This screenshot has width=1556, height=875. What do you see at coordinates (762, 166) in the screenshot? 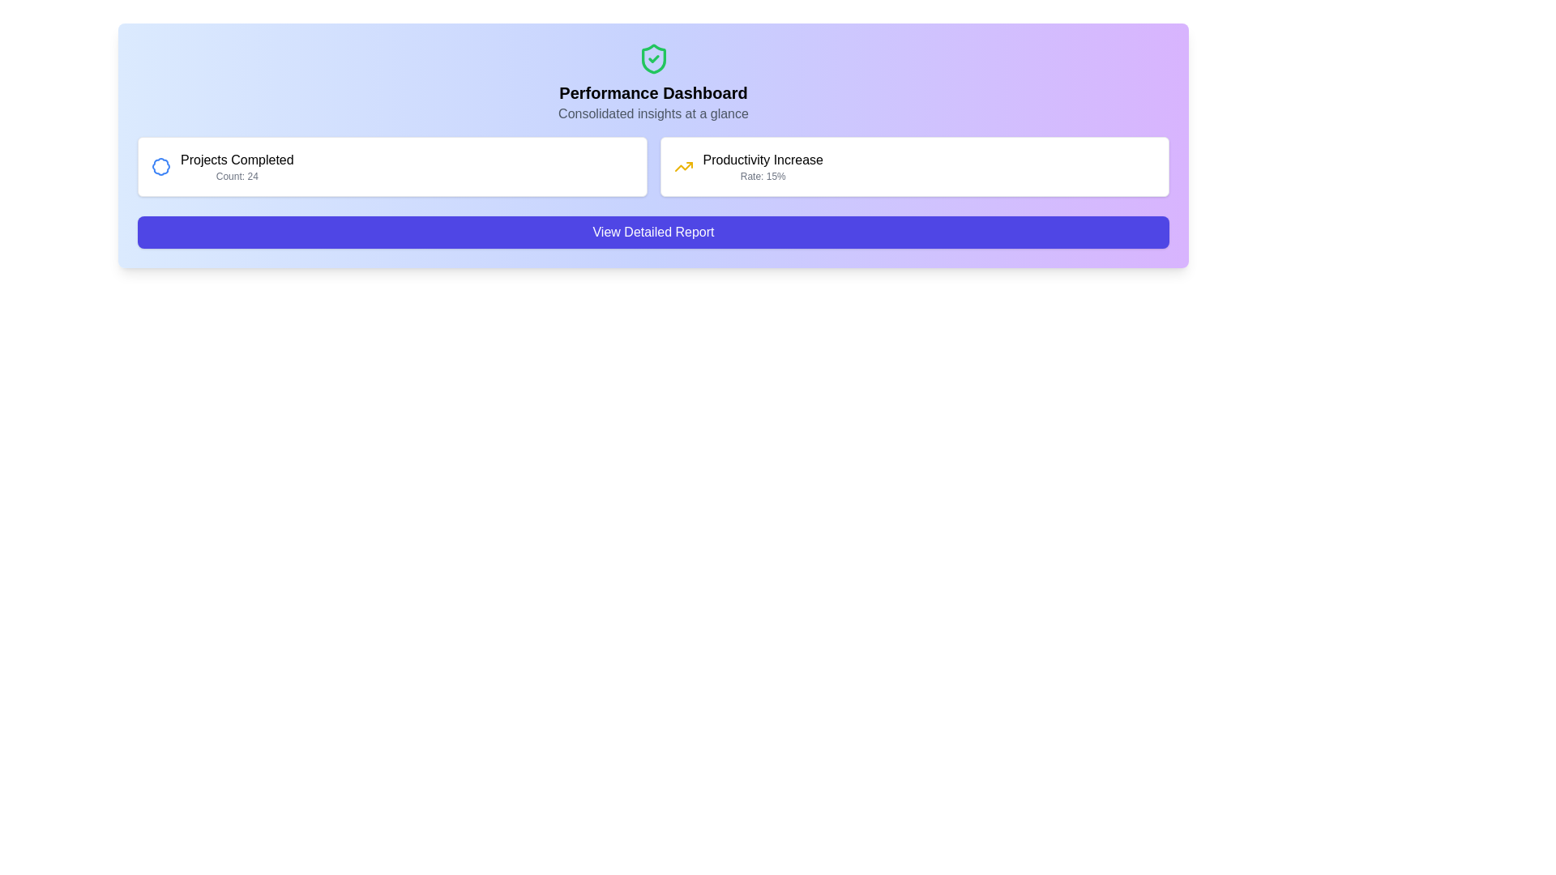
I see `the text display area that shows 'Productivity Increase' and 'Rate: 15%' in the upper-right section of the interface` at bounding box center [762, 166].